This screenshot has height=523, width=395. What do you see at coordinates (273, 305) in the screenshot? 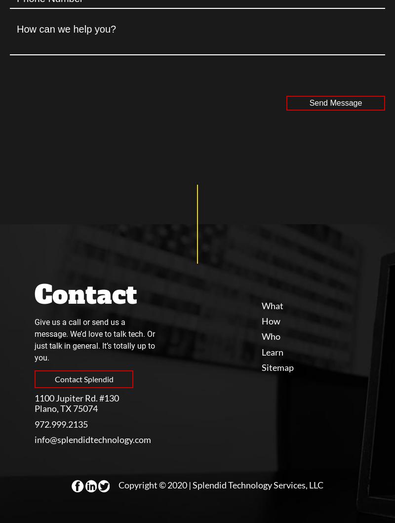
I see `'What'` at bounding box center [273, 305].